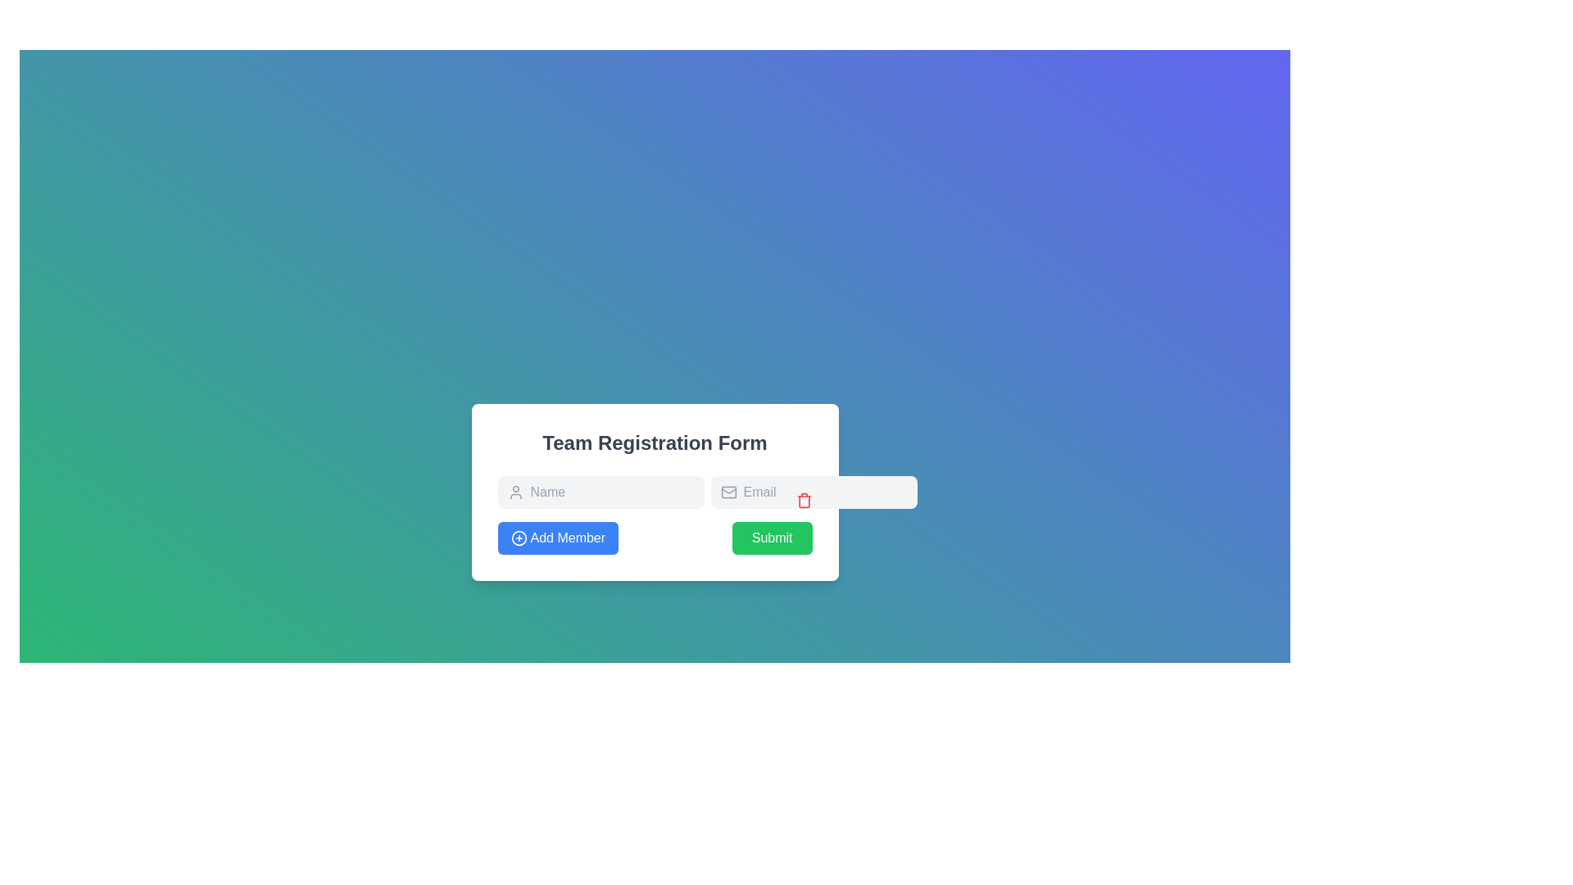 The width and height of the screenshot is (1573, 885). What do you see at coordinates (518, 538) in the screenshot?
I see `the circular icon with a blue outline and a white background featuring a plus symbol inside, which is located to the left of the 'Add Member' button` at bounding box center [518, 538].